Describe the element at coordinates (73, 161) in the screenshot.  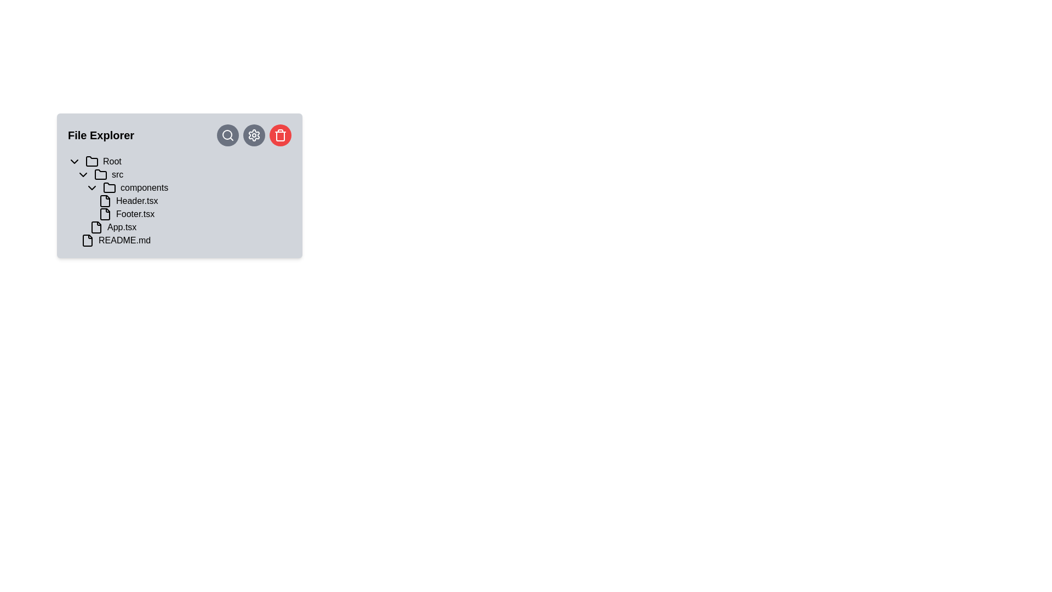
I see `the toggle button icon located to the left of the 'Root' label in the file explorer for visual feedback` at that location.